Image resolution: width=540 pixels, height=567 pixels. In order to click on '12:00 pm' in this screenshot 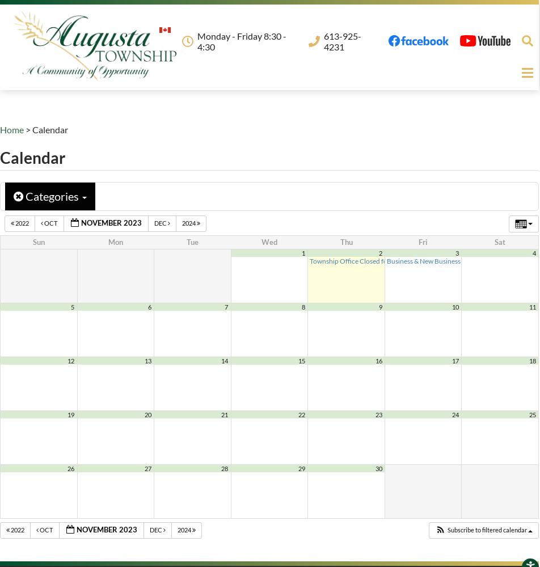, I will do `click(436, 260)`.